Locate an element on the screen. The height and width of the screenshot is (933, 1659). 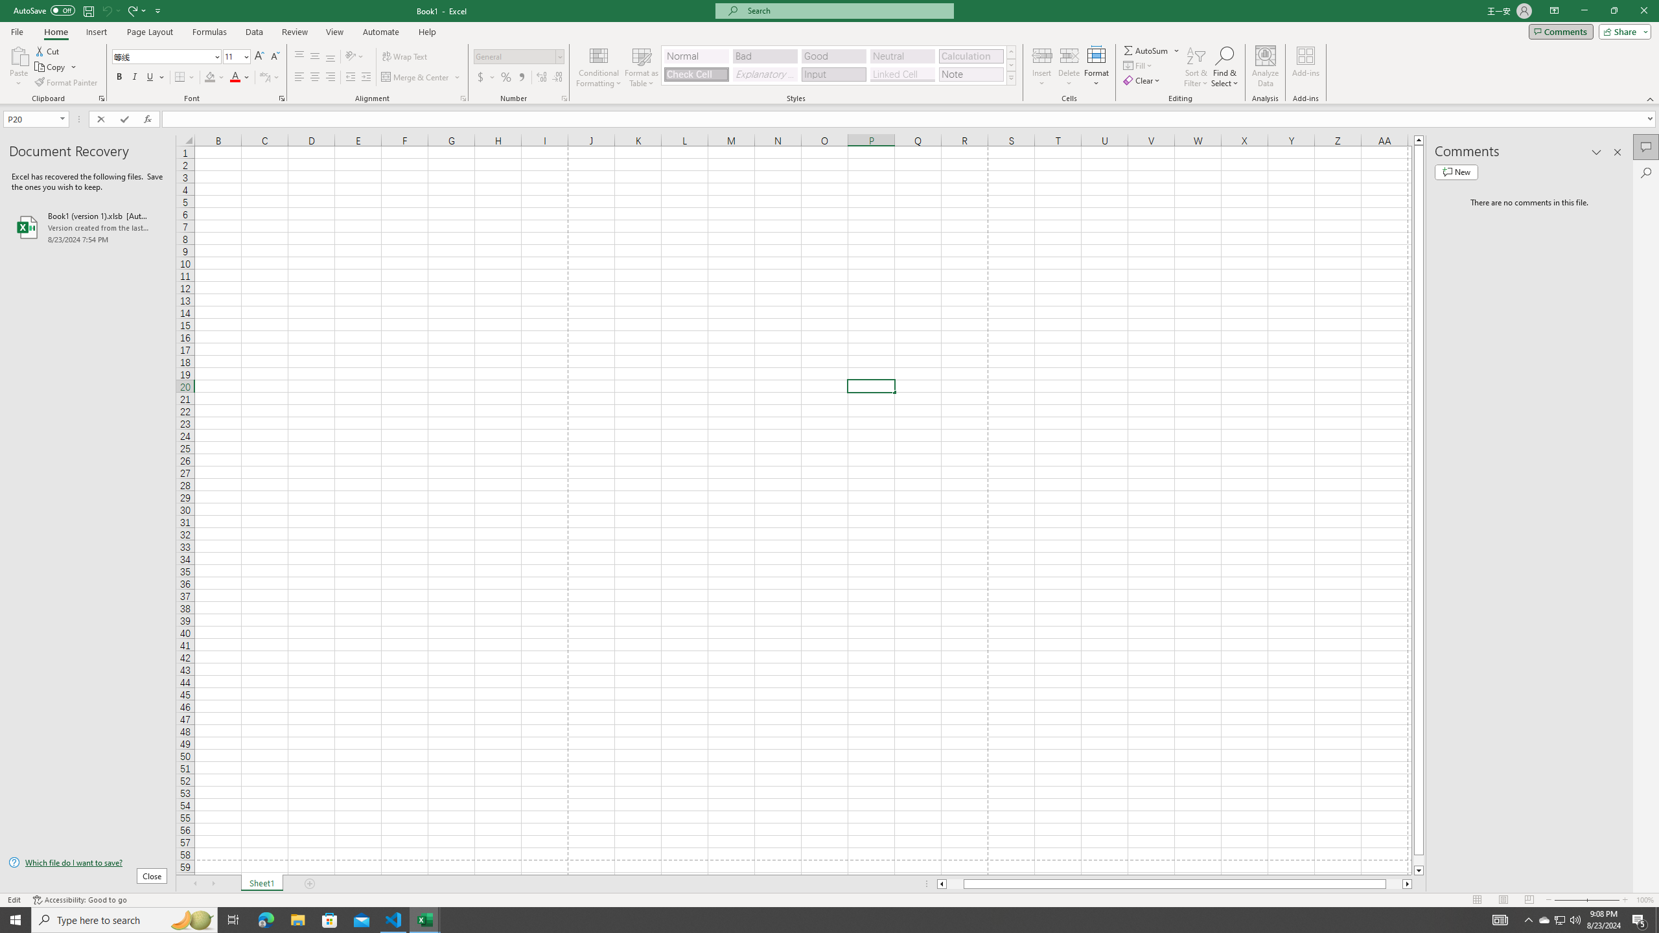
'Good' is located at coordinates (833, 56).